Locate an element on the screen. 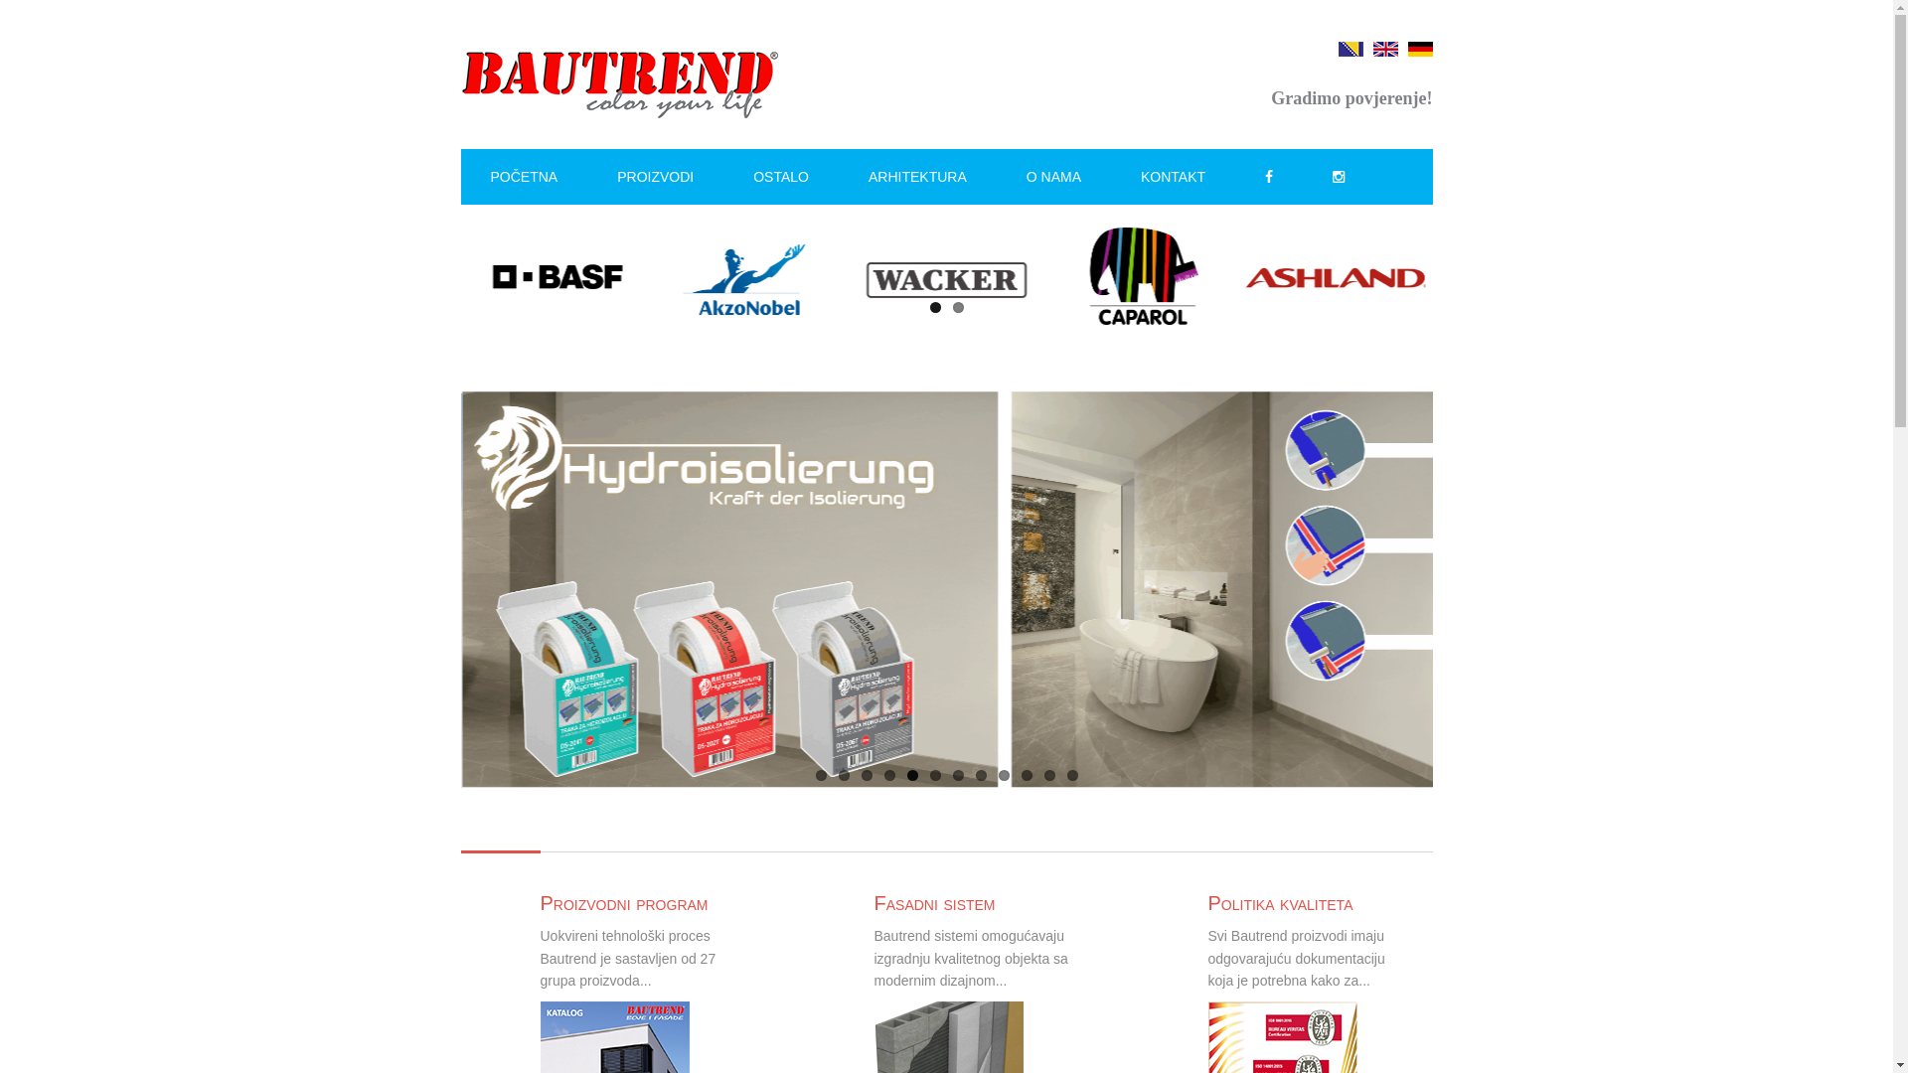 The height and width of the screenshot is (1073, 1908). '2' is located at coordinates (844, 774).